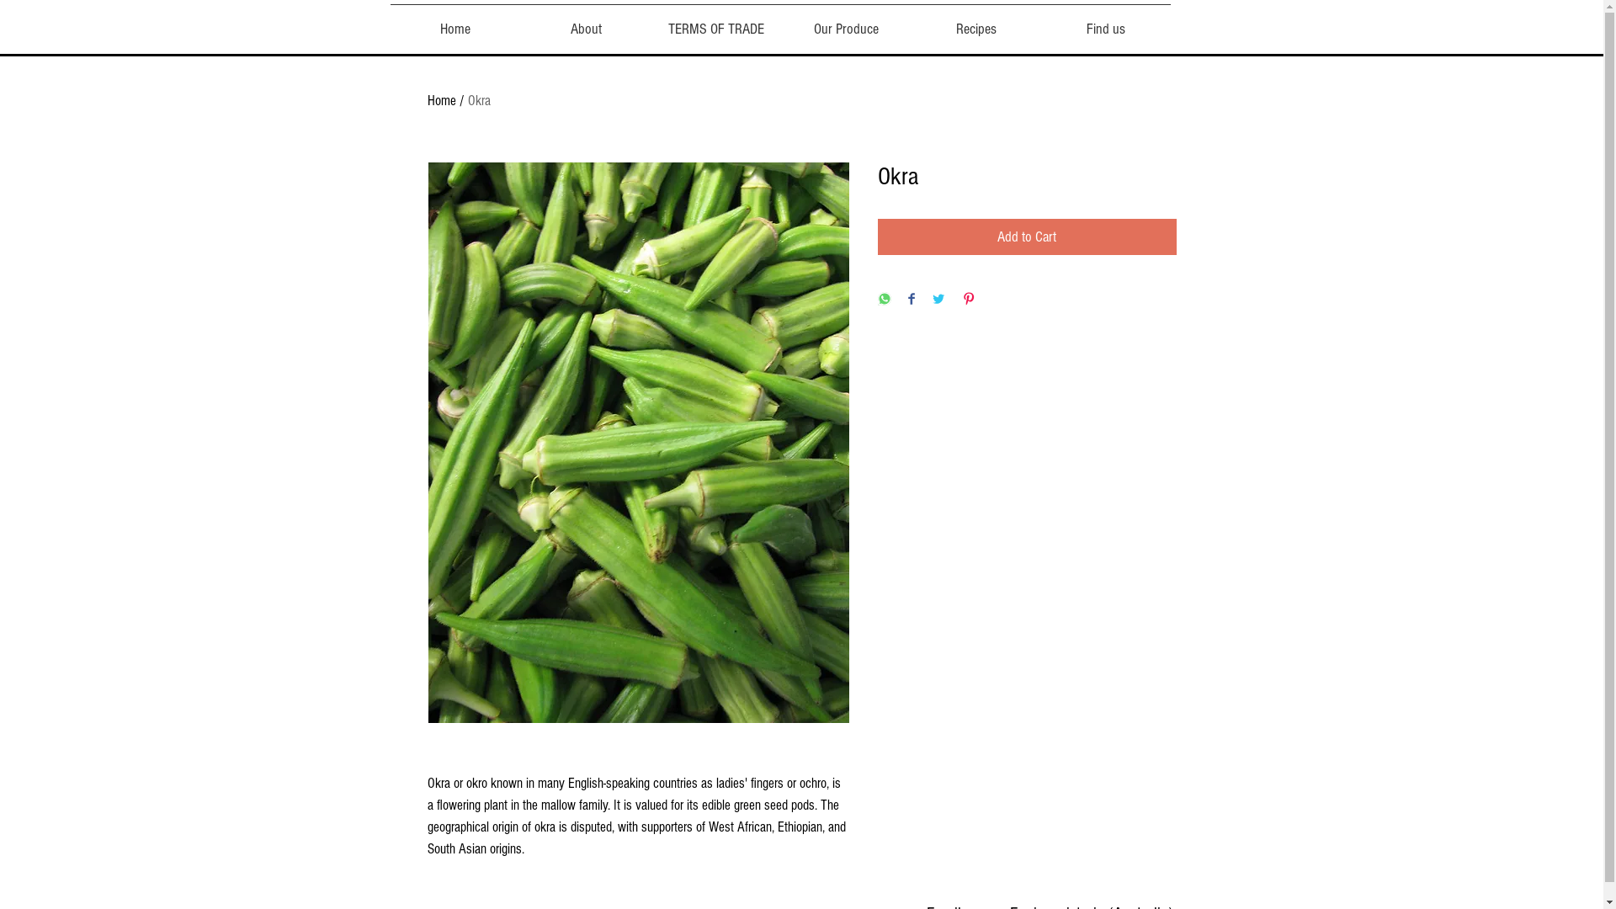 The image size is (1616, 909). I want to click on 'TERMS OF TRADE', so click(650, 22).